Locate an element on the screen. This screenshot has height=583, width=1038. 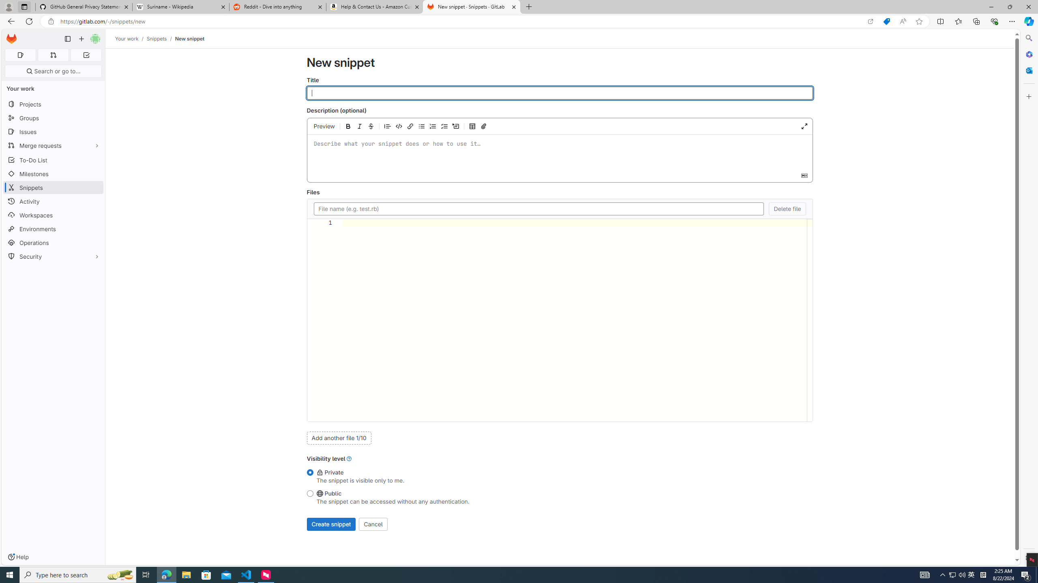
'Add a bullet list' is located at coordinates (421, 126).